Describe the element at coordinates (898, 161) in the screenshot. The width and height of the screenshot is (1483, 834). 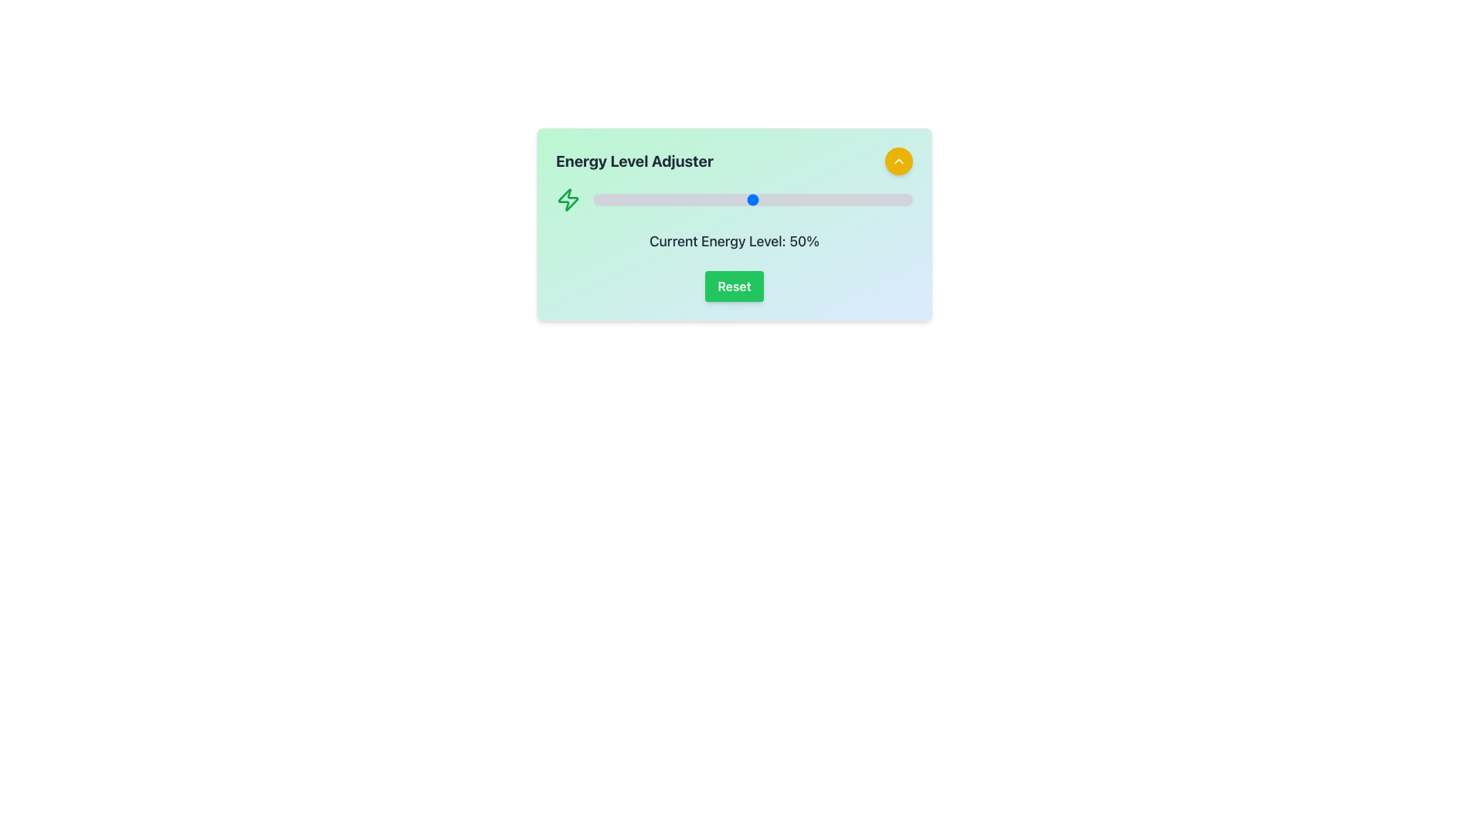
I see `the small upward-pointing chevron icon, which is centered within a circular yellow button at the top-right corner of the card layout` at that location.